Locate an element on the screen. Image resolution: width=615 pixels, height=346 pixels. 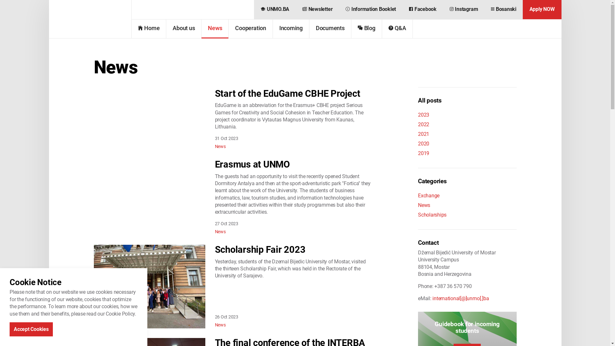
'international[@]unmo[.]ba' is located at coordinates (460, 298).